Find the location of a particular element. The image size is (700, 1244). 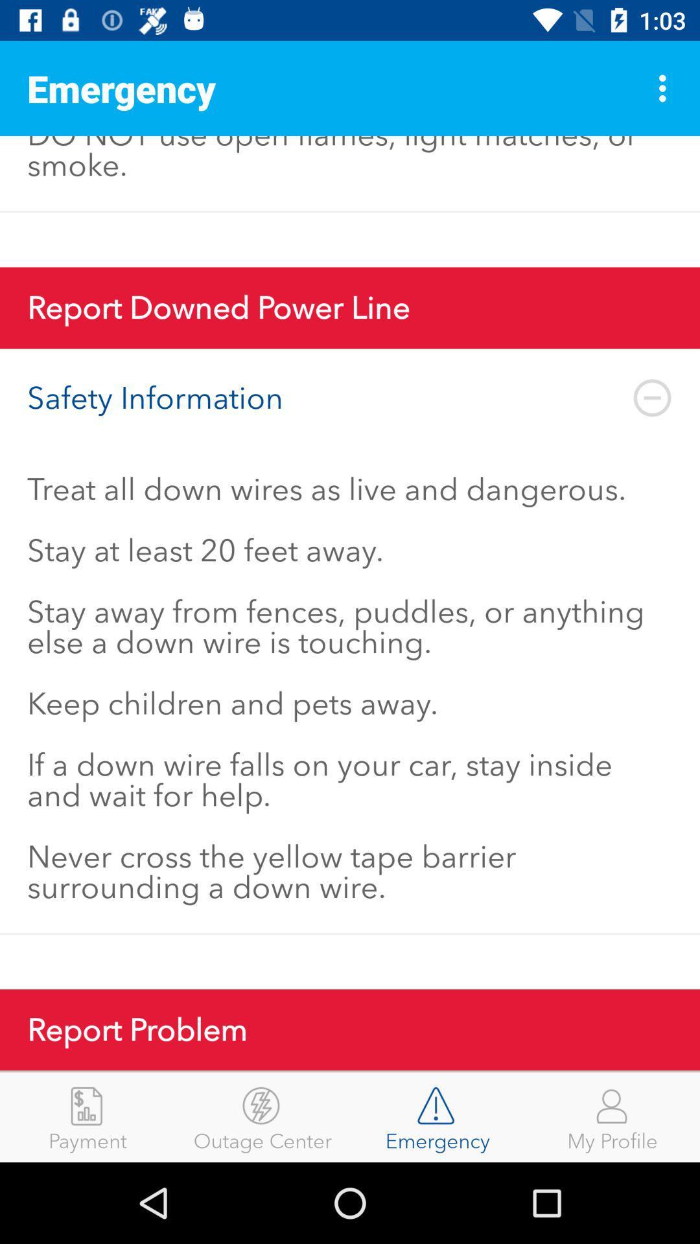

report downed power icon is located at coordinates (350, 307).